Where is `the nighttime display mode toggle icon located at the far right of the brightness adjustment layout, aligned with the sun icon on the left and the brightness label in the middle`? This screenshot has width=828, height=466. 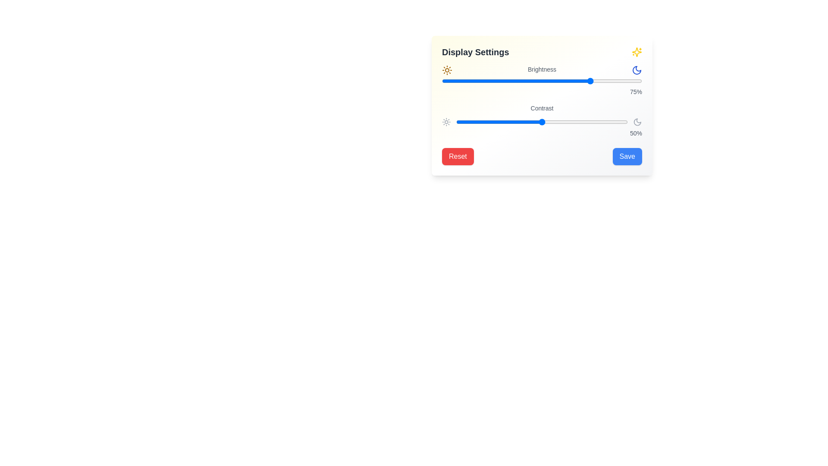
the nighttime display mode toggle icon located at the far right of the brightness adjustment layout, aligned with the sun icon on the left and the brightness label in the middle is located at coordinates (637, 69).